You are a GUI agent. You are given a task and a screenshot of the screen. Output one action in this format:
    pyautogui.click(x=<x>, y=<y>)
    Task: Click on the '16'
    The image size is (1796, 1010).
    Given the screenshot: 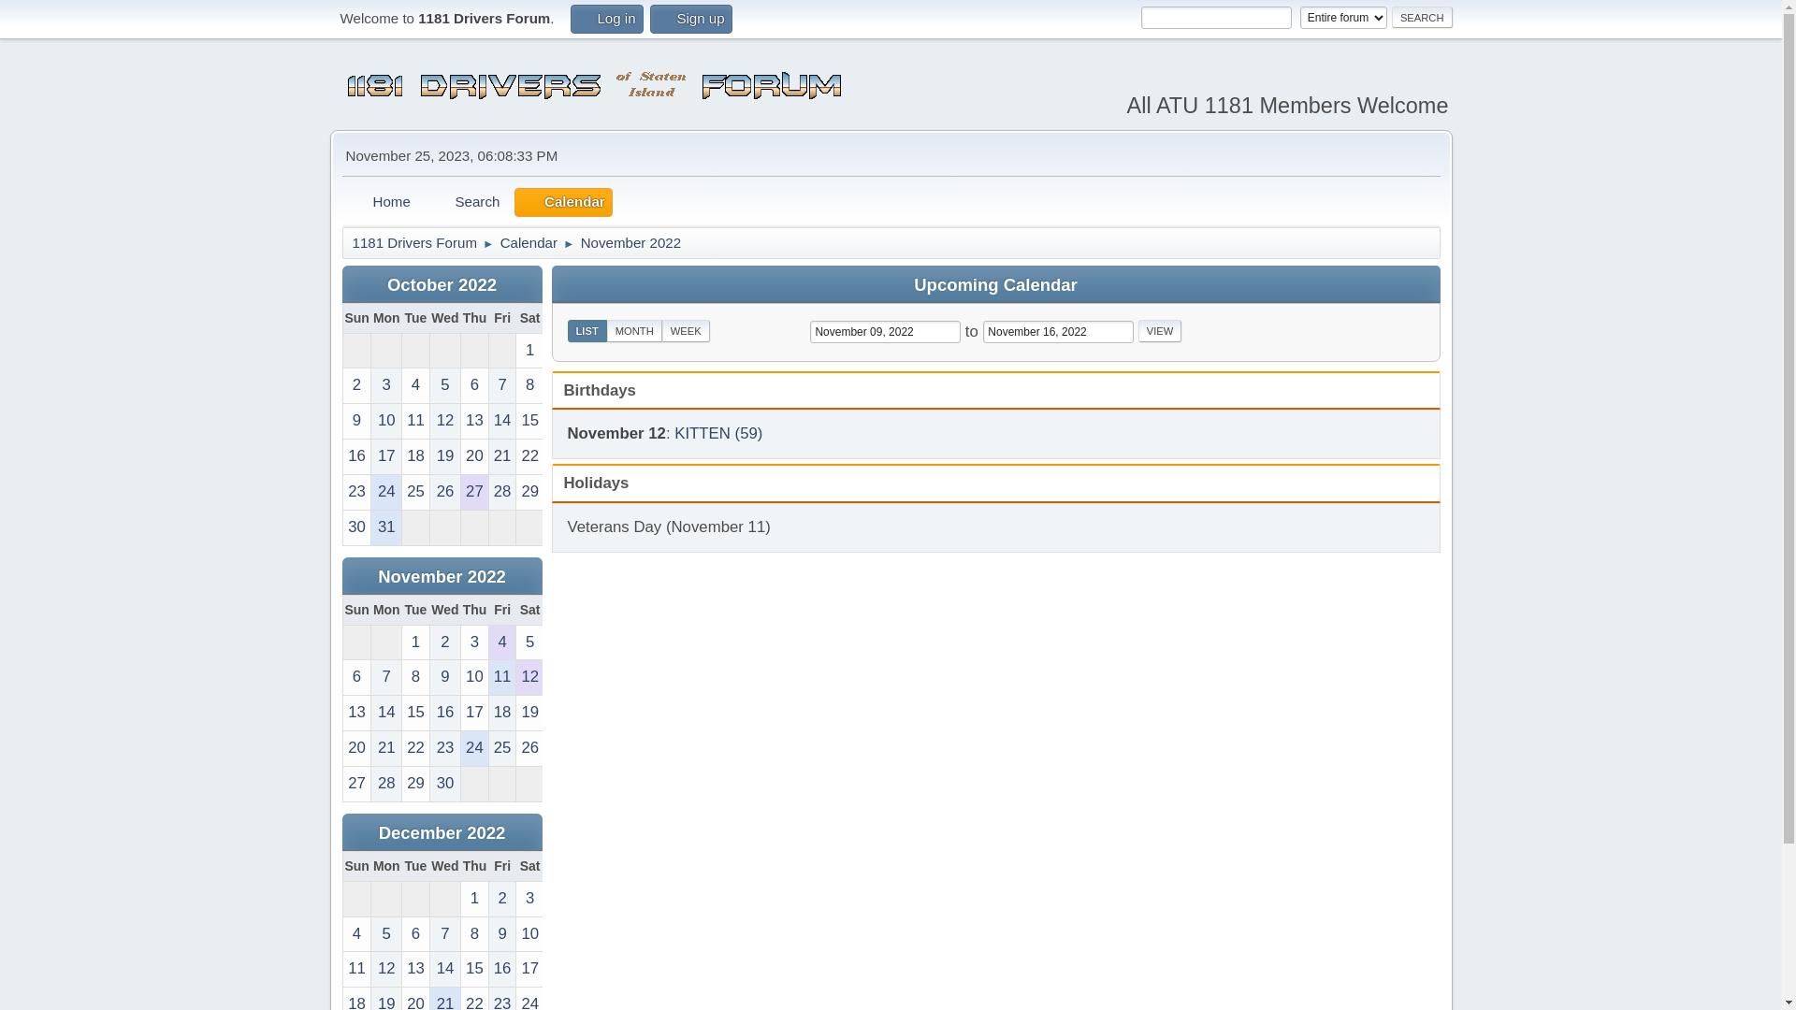 What is the action you would take?
    pyautogui.click(x=355, y=456)
    